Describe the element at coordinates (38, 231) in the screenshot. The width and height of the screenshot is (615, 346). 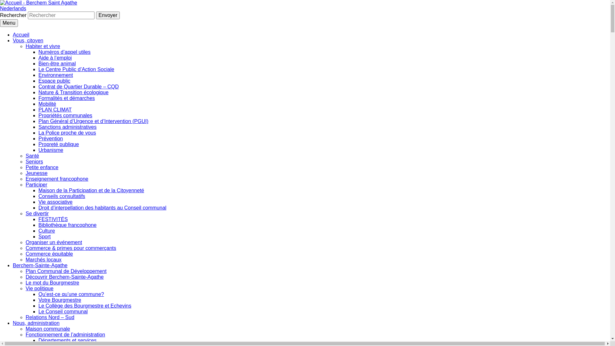
I see `'Culture'` at that location.